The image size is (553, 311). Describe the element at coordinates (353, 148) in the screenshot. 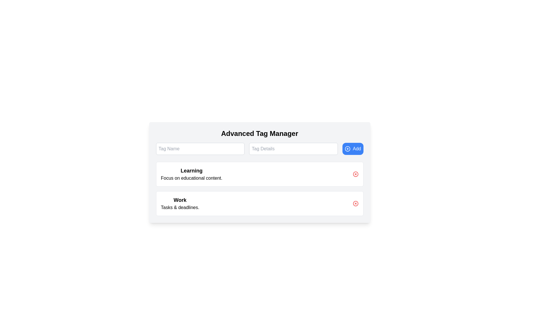

I see `the 'Add' button` at that location.